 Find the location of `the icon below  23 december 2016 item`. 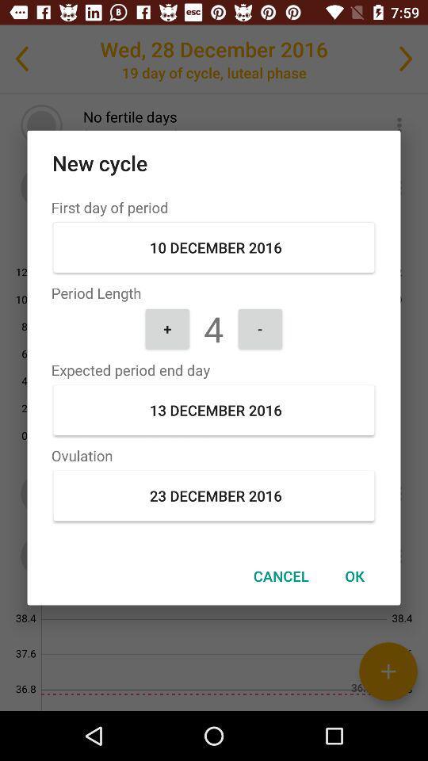

the icon below  23 december 2016 item is located at coordinates (354, 575).